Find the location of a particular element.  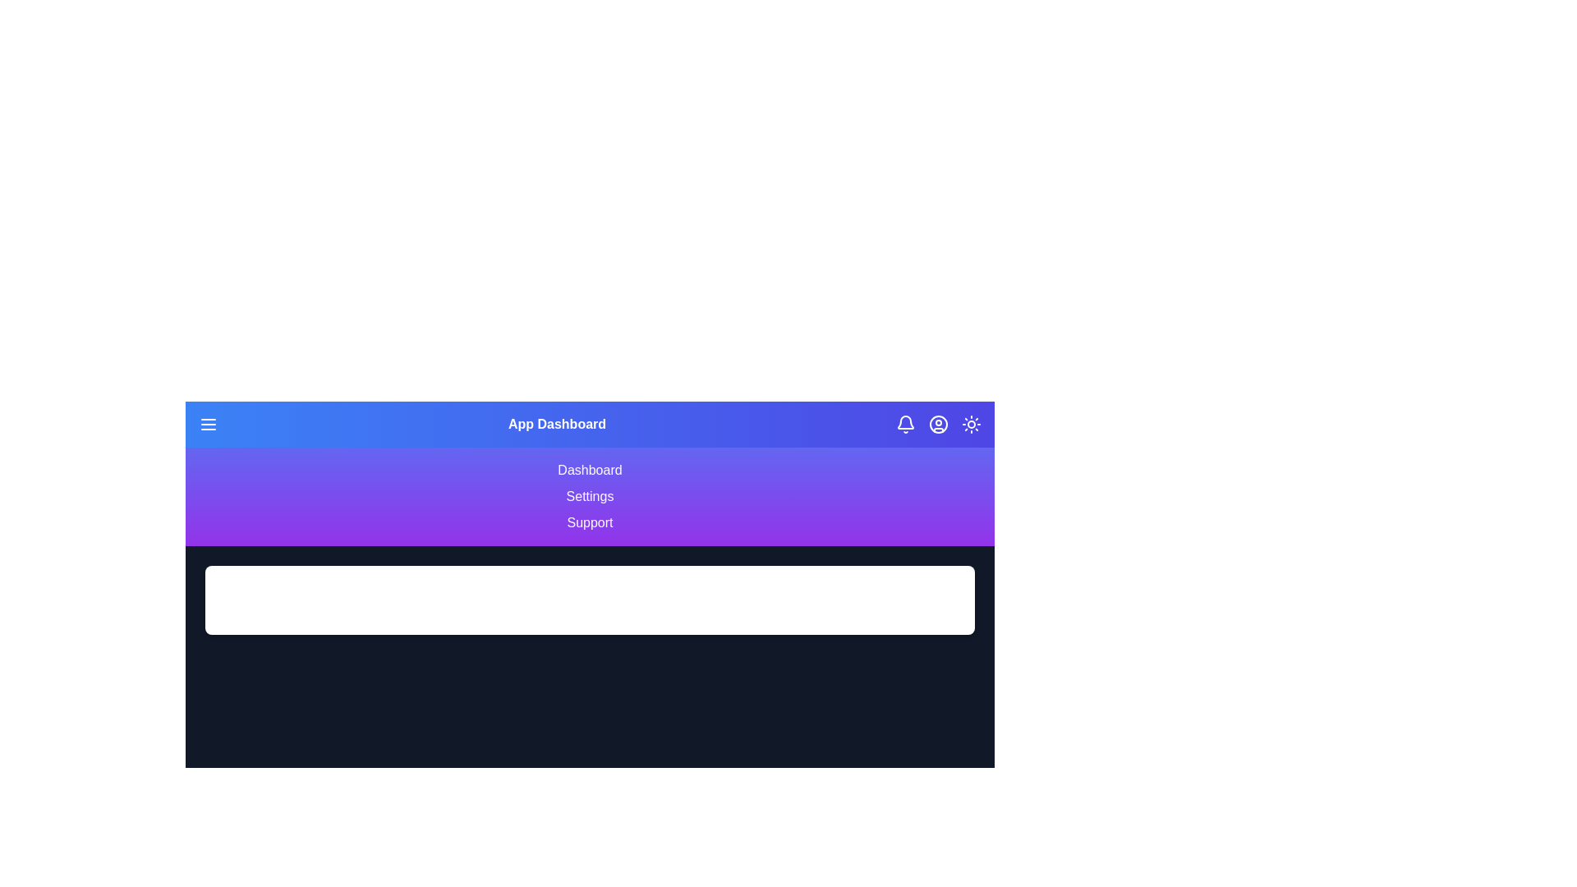

the menu option Dashboard to explore its content is located at coordinates (590, 471).